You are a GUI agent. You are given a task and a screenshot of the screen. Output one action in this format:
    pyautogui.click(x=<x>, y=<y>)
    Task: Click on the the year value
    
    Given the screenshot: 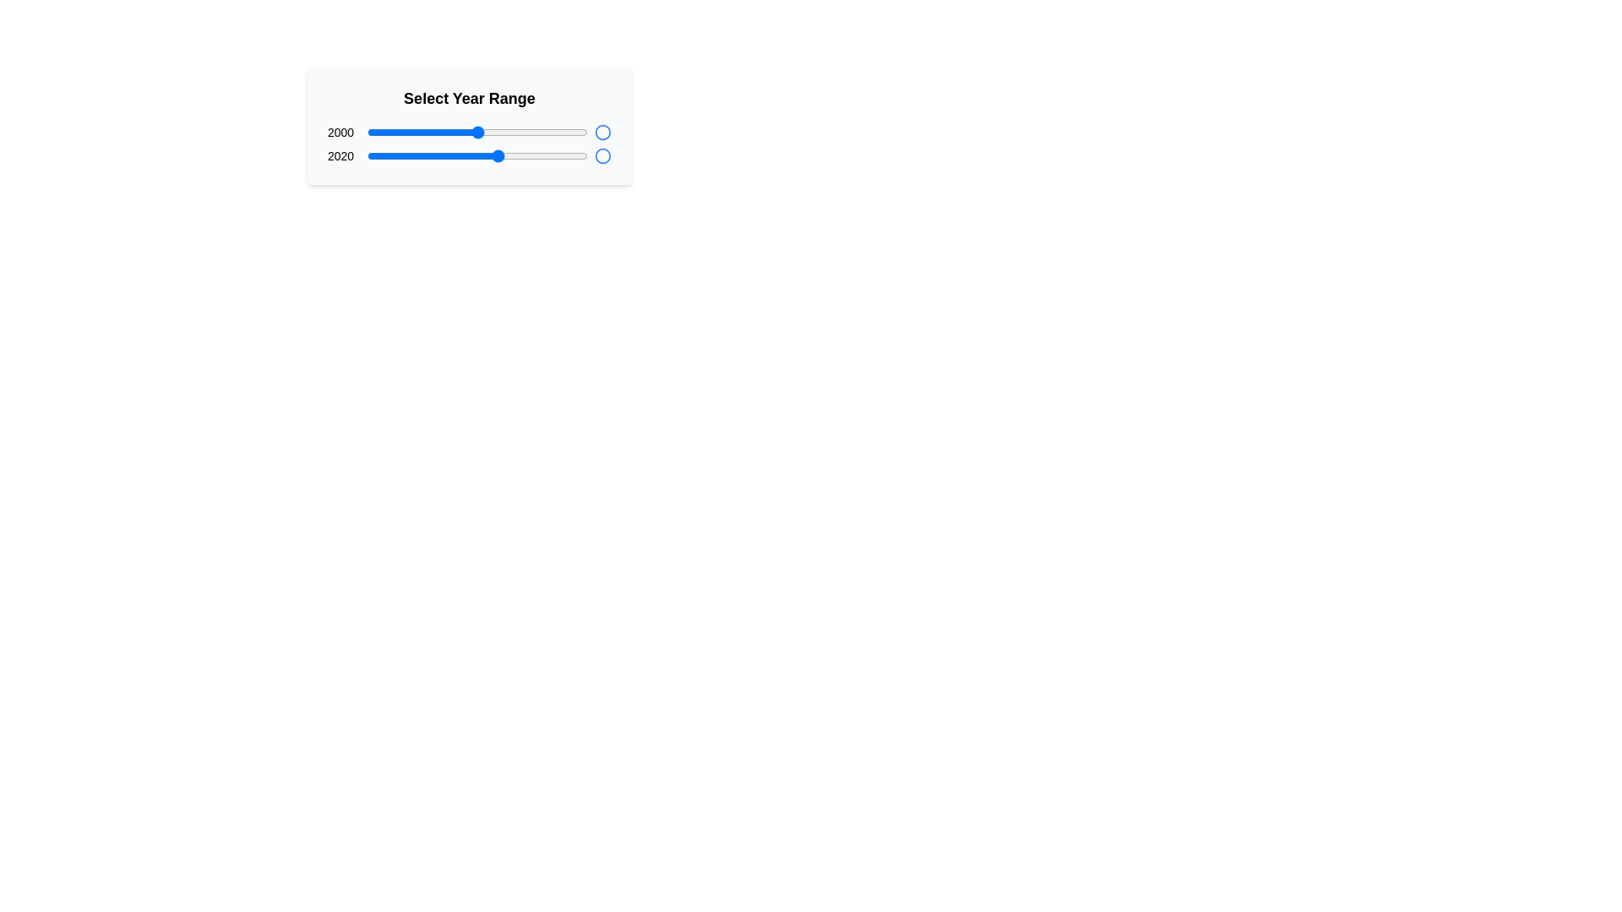 What is the action you would take?
    pyautogui.click(x=400, y=156)
    